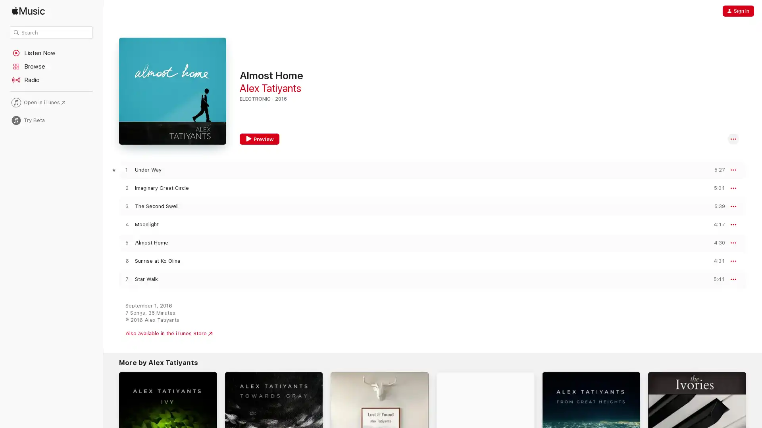 The width and height of the screenshot is (762, 428). What do you see at coordinates (716, 206) in the screenshot?
I see `Preview` at bounding box center [716, 206].